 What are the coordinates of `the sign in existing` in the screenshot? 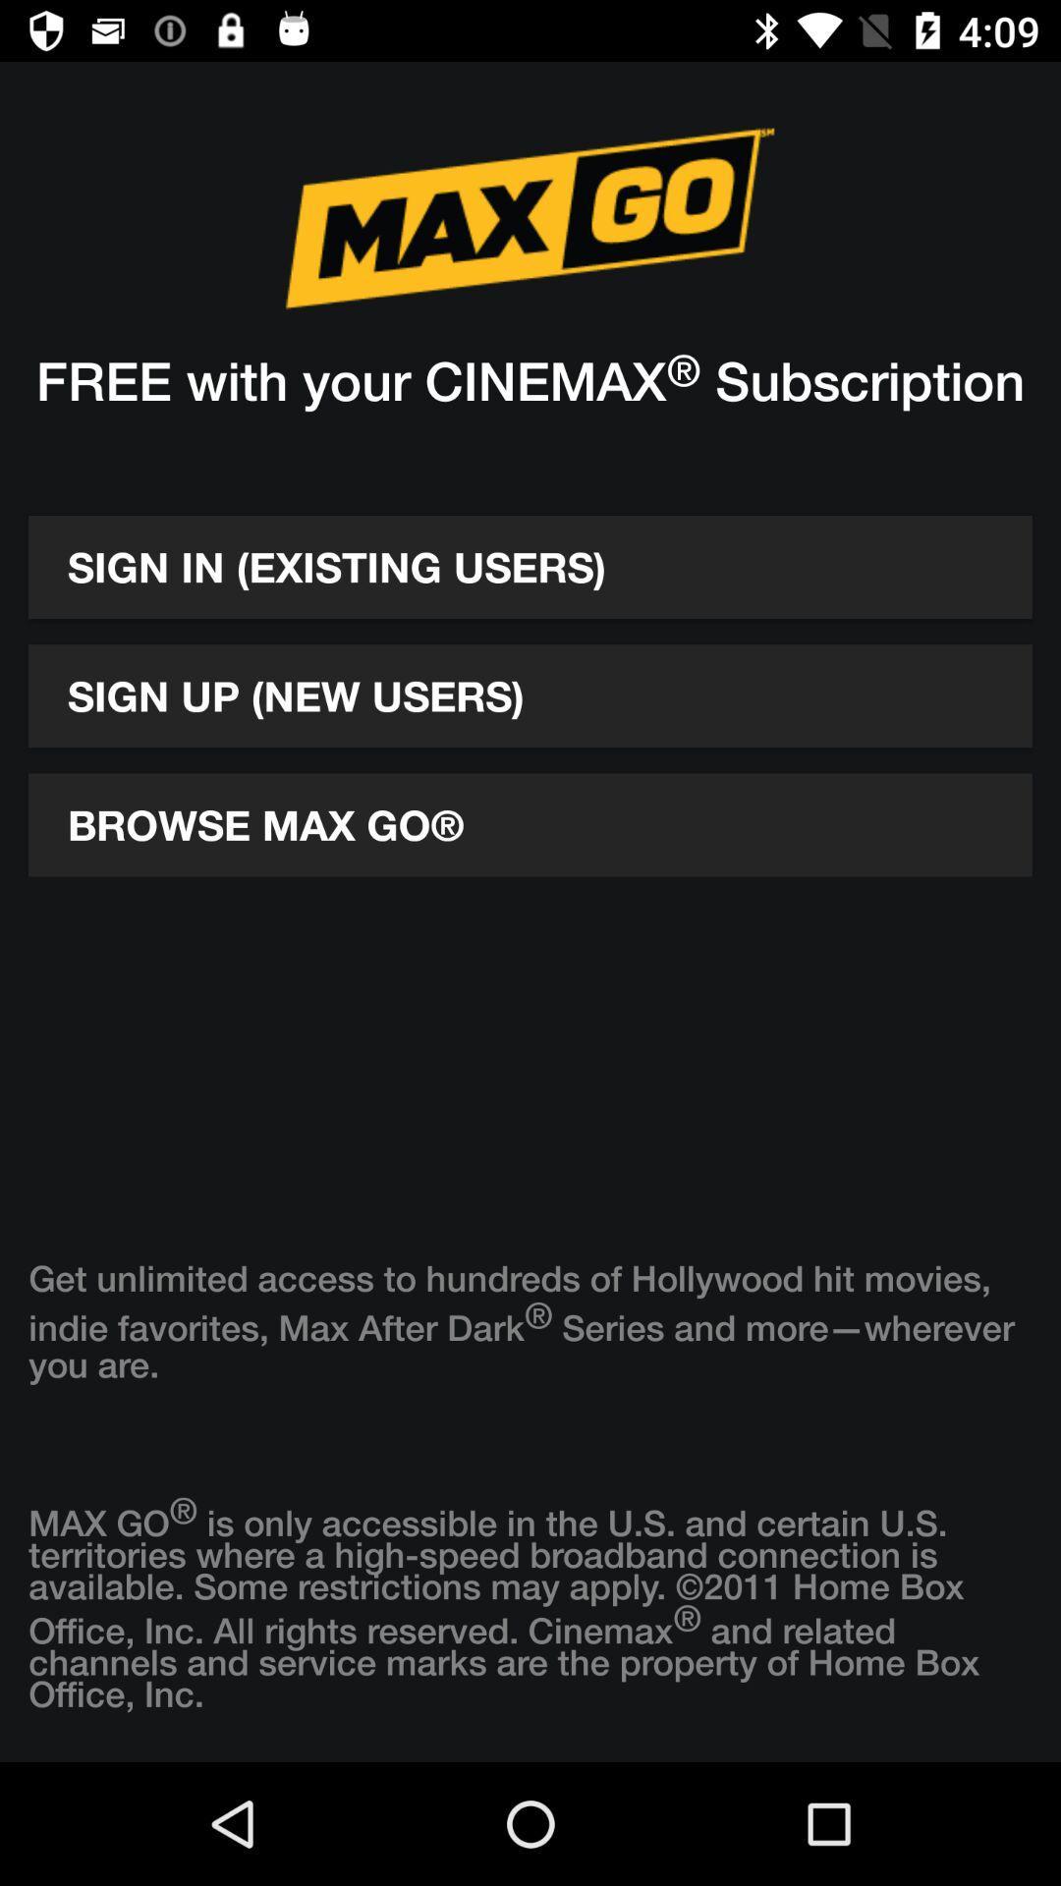 It's located at (530, 566).